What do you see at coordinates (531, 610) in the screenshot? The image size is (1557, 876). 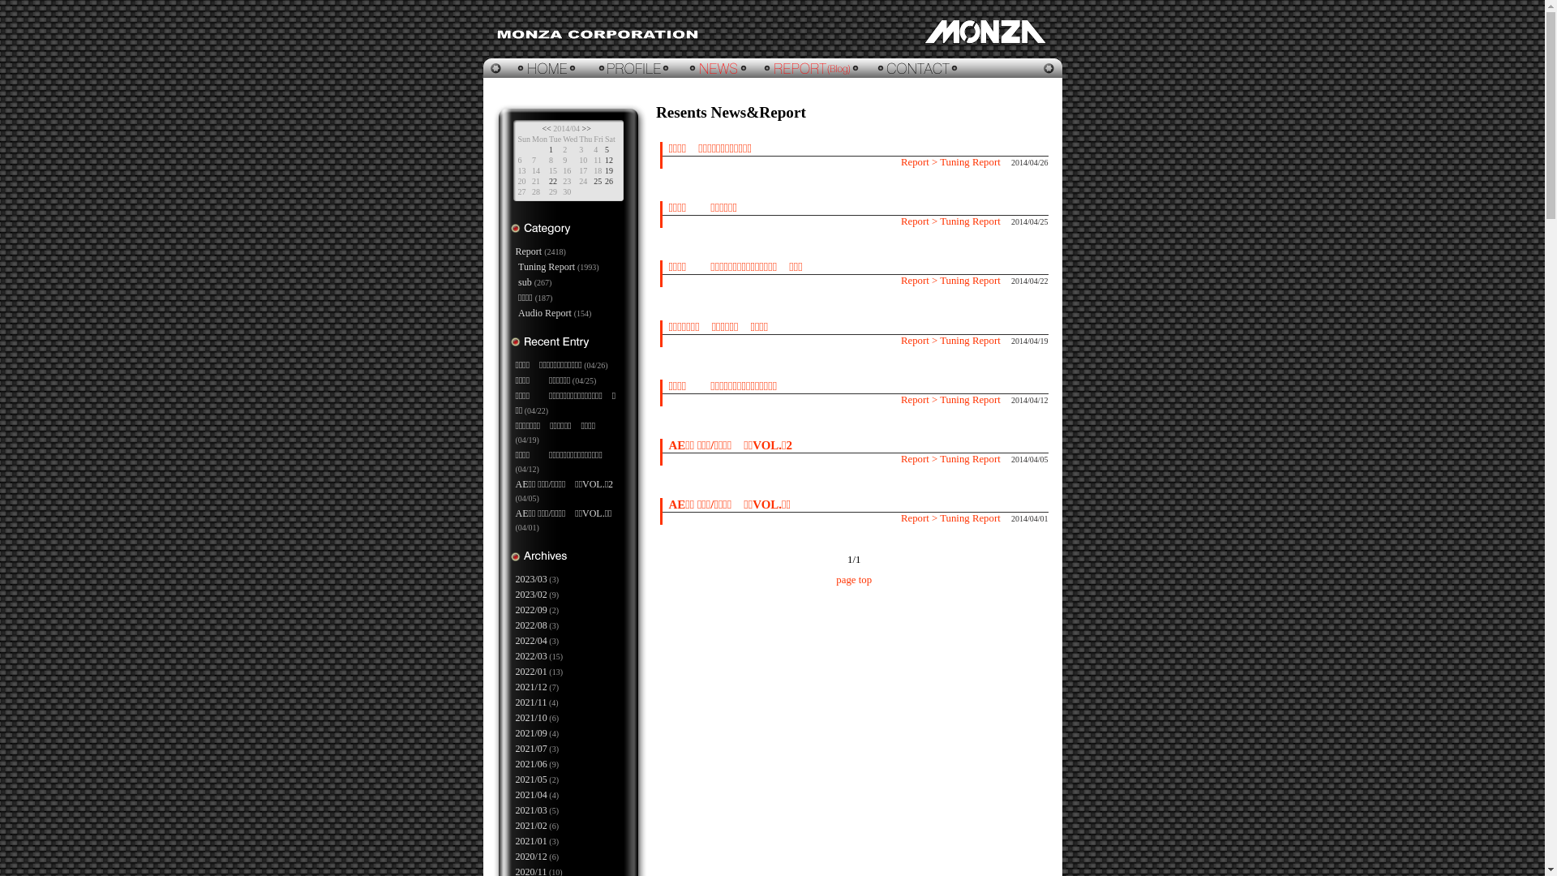 I see `'2022/09'` at bounding box center [531, 610].